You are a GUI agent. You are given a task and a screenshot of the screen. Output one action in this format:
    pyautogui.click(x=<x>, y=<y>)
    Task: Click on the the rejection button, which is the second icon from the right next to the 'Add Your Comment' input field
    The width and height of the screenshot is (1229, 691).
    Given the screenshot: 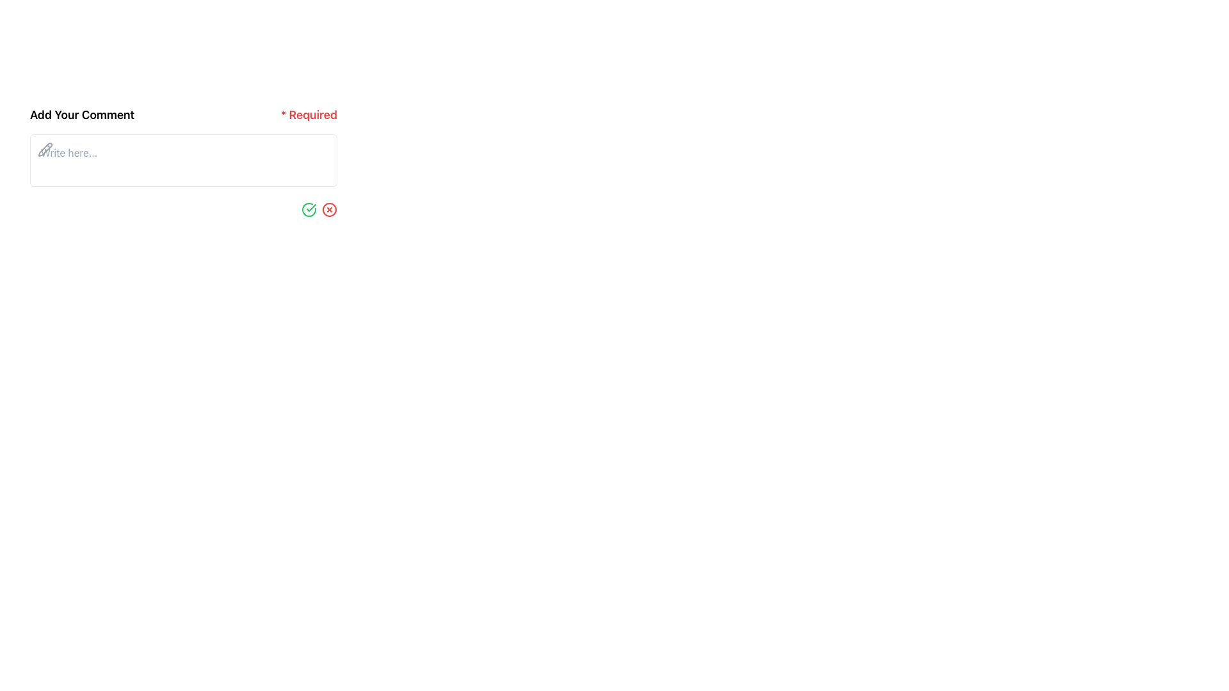 What is the action you would take?
    pyautogui.click(x=329, y=209)
    